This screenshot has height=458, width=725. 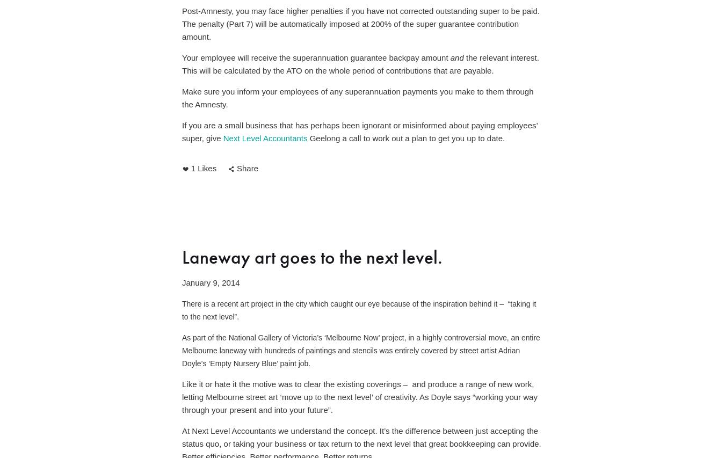 I want to click on 'If you are a small business that has perhaps been ignorant or misinformed about paying employees’ super, give', so click(x=182, y=132).